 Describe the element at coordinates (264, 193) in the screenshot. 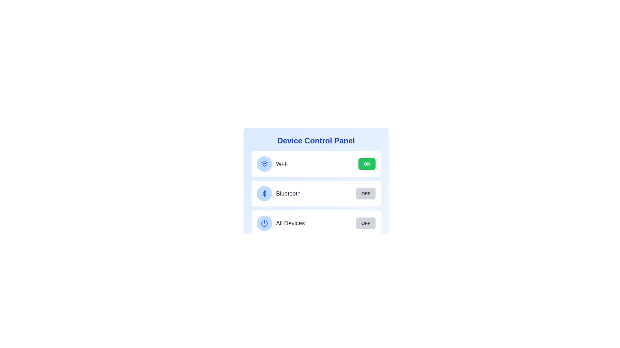

I see `the Bluetooth icon located in the Device Control Panel, positioned next to the 'Bluetooth' label` at that location.